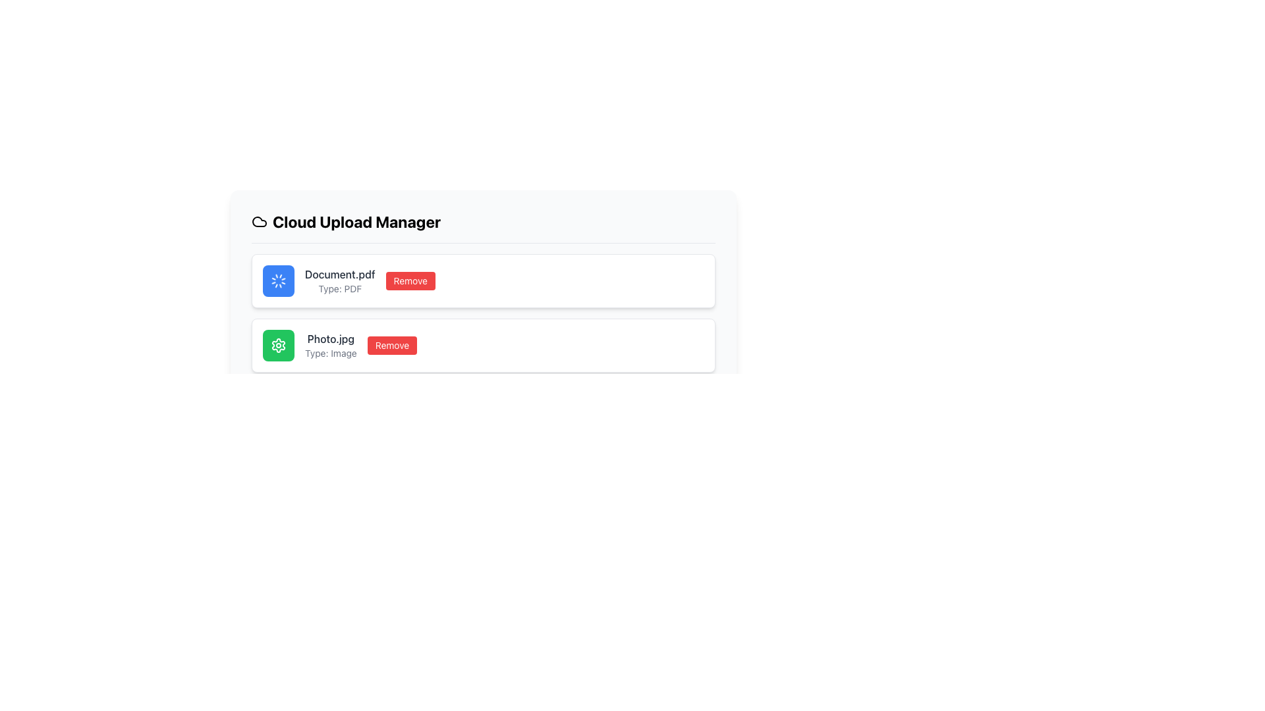 This screenshot has width=1265, height=711. I want to click on the loading indicator within the button that indicates an upload or processing operation for 'Document.pdf', so click(277, 280).